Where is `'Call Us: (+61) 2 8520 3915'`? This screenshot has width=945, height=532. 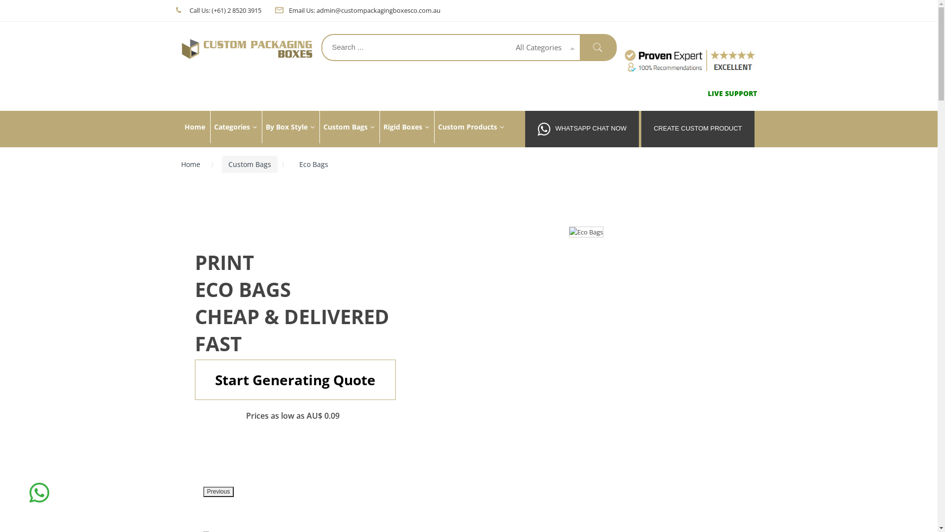
'Call Us: (+61) 2 8520 3915' is located at coordinates (224, 10).